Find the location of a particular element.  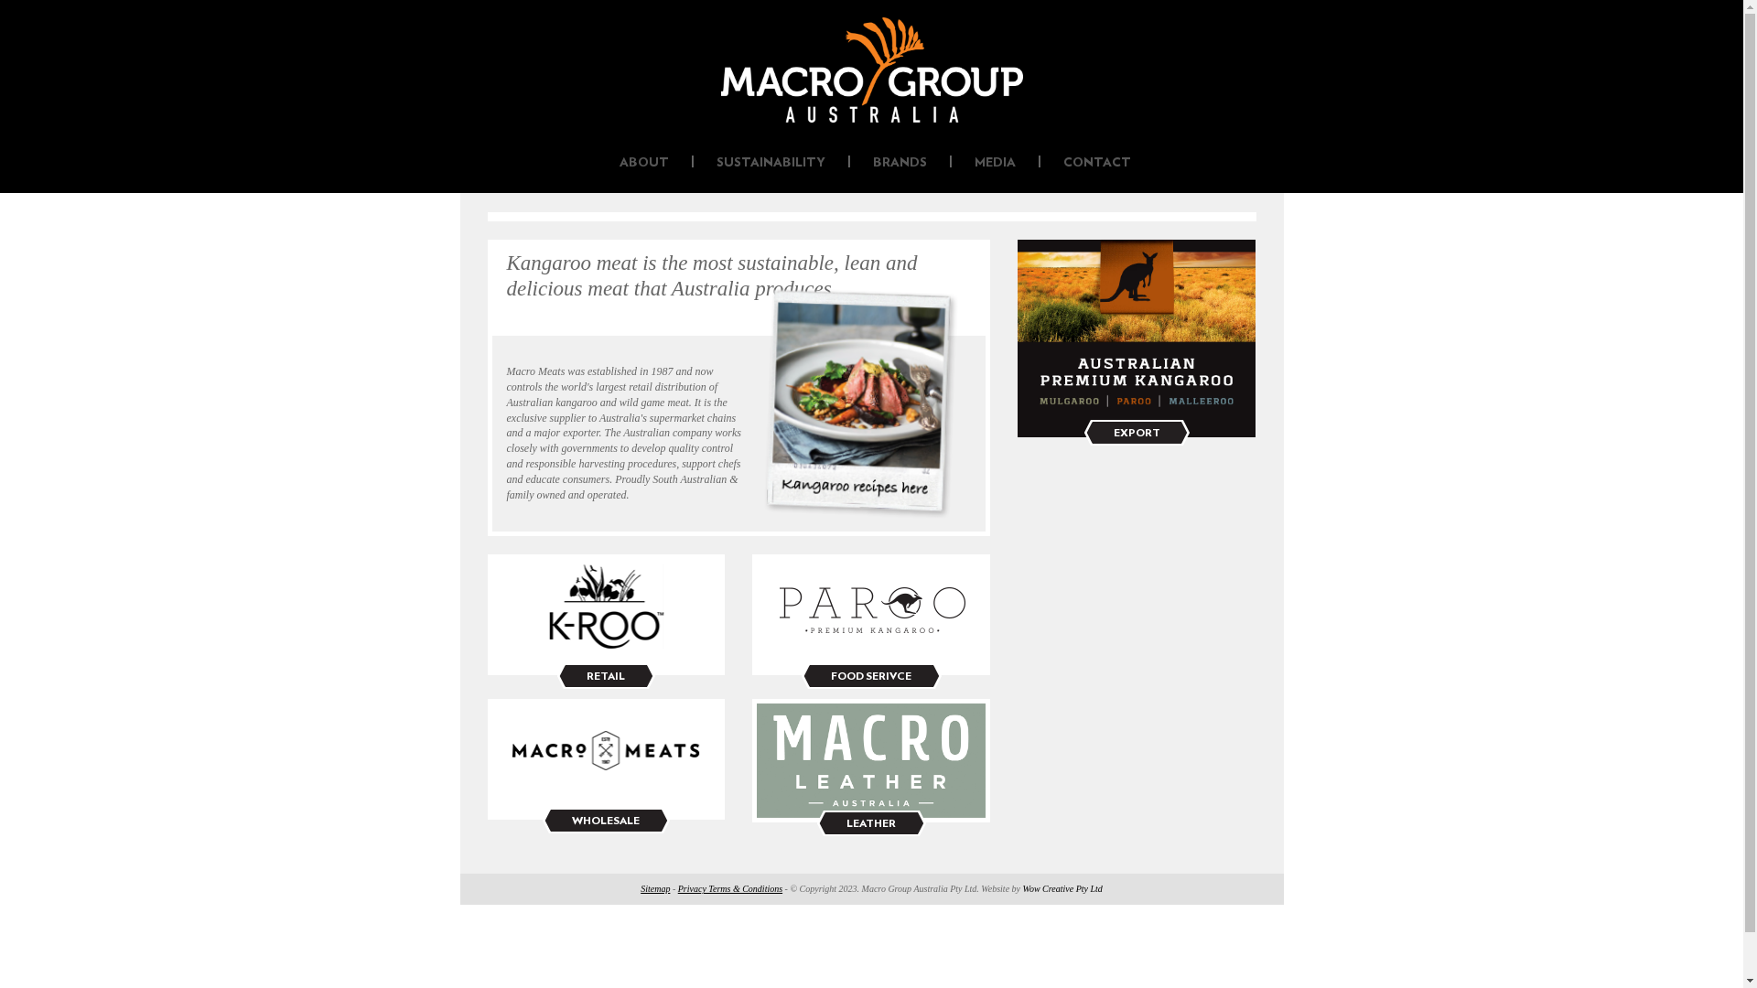

'Wow Creative Pty Ltd' is located at coordinates (1062, 887).